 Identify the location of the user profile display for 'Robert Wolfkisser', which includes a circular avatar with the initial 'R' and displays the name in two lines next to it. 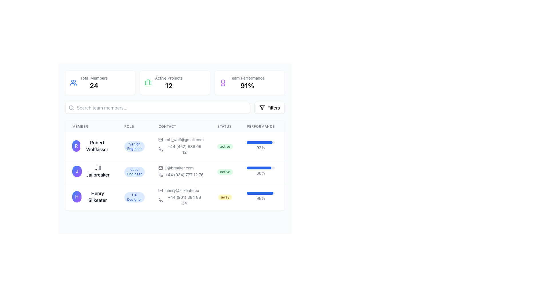
(91, 146).